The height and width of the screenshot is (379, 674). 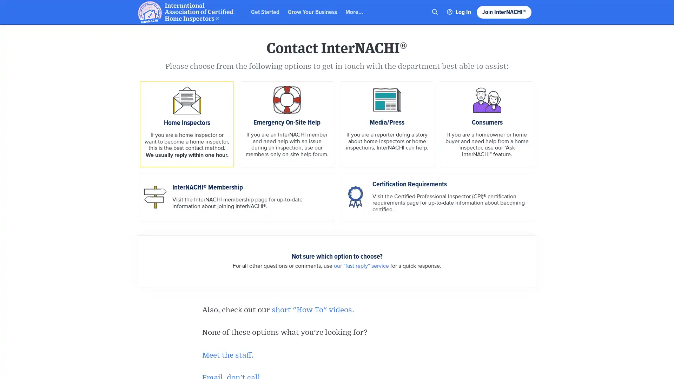 What do you see at coordinates (642, 12) in the screenshot?
I see `Back to Top` at bounding box center [642, 12].